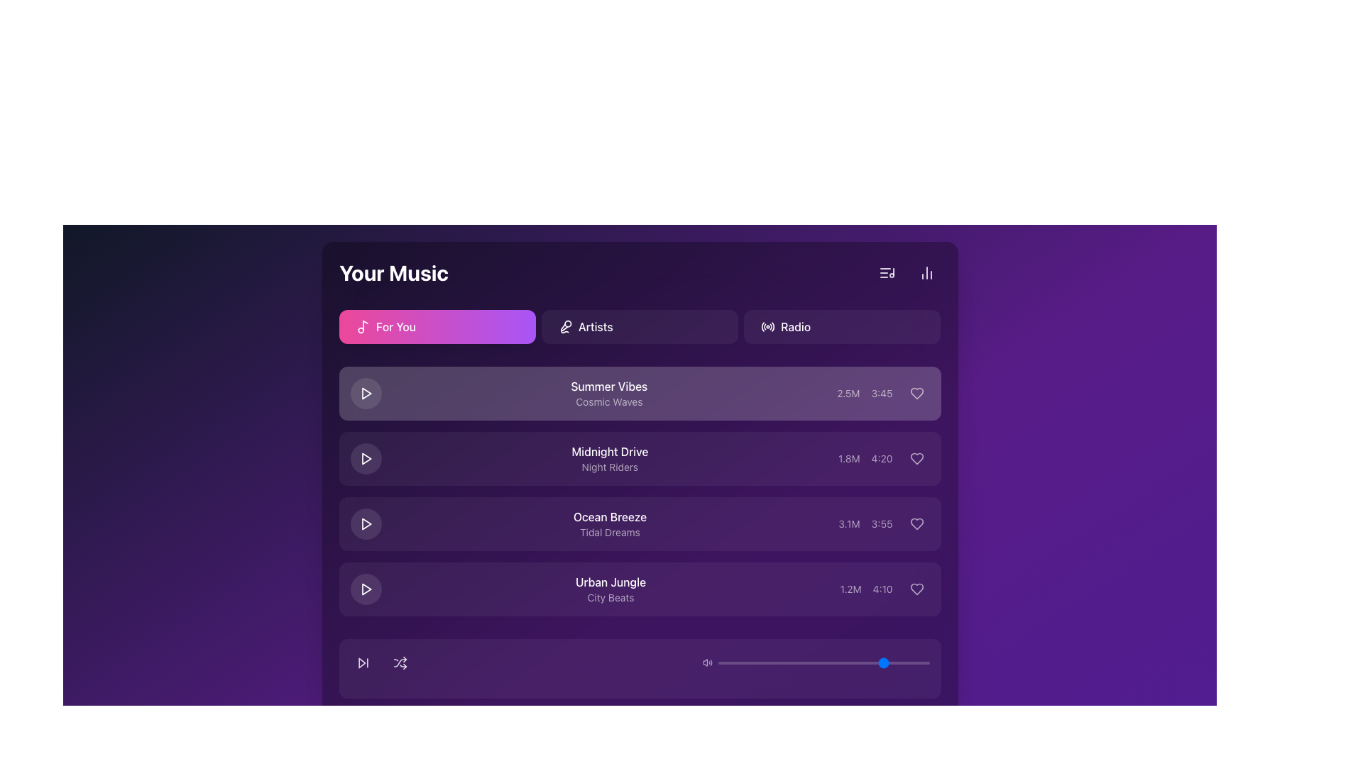  What do you see at coordinates (366, 394) in the screenshot?
I see `the play button for the track 'Summer Vibes' by 'Cosmic Waves'` at bounding box center [366, 394].